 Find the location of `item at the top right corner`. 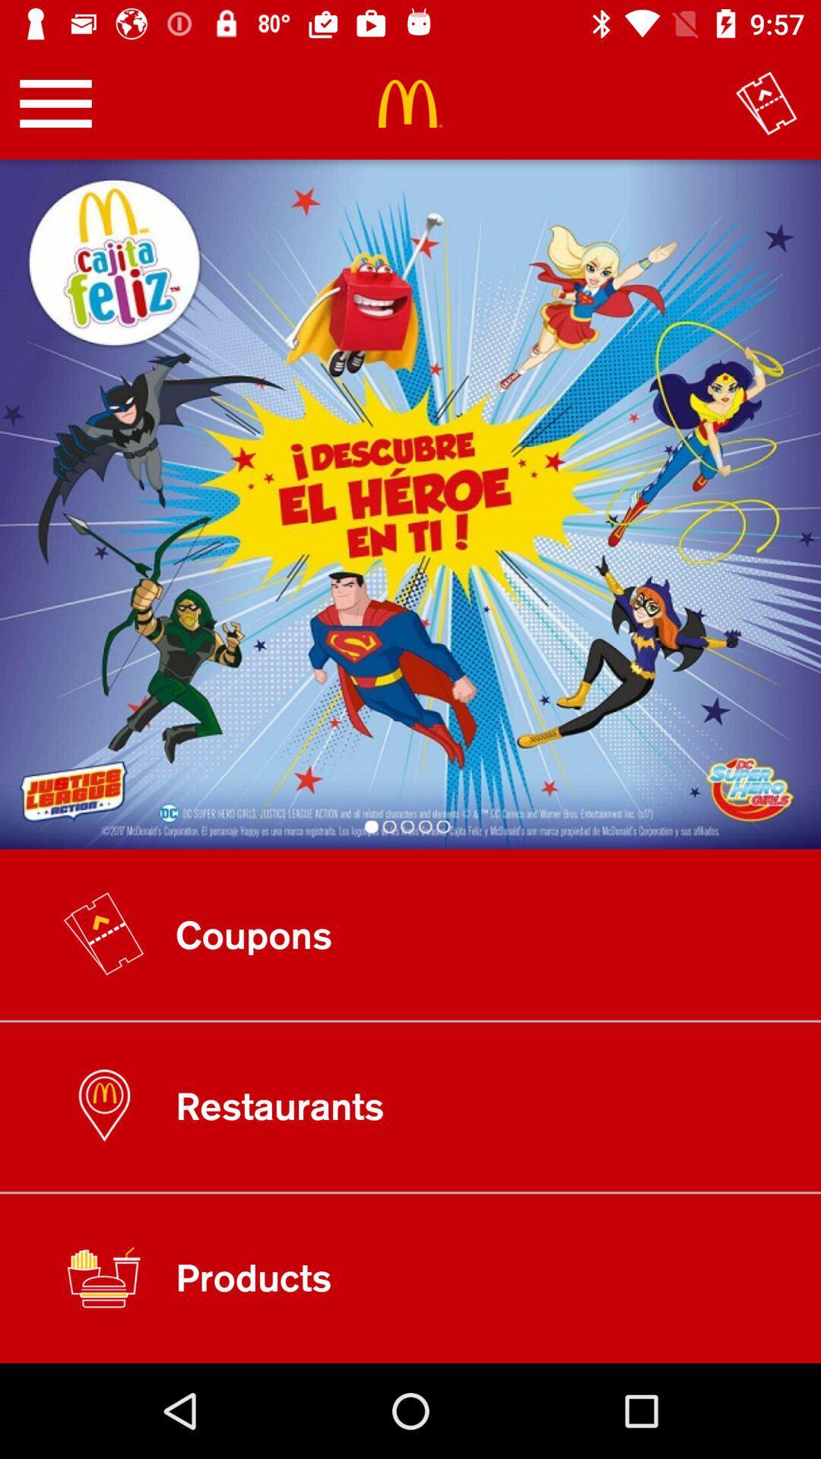

item at the top right corner is located at coordinates (766, 103).